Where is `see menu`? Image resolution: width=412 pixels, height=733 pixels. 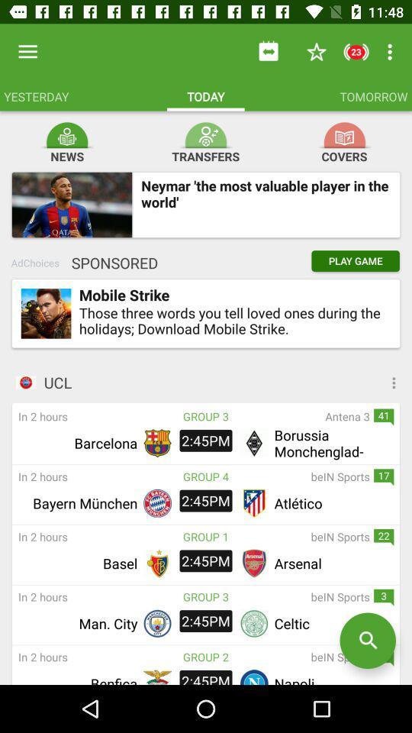
see menu is located at coordinates (336, 382).